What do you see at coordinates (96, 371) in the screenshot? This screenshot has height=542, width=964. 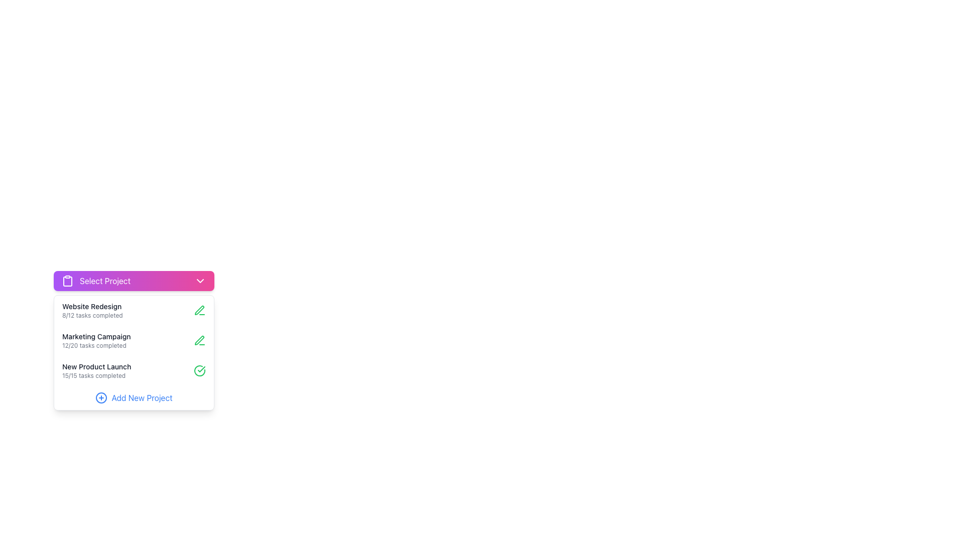 I see `the label displaying 'New Product Launch' with '15/15 tasks completed' in the dropdown menu titled 'Select Project'` at bounding box center [96, 371].